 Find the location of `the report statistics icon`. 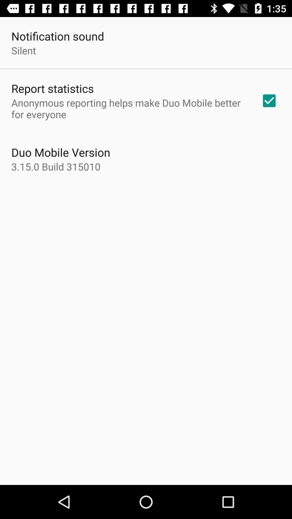

the report statistics icon is located at coordinates (52, 88).